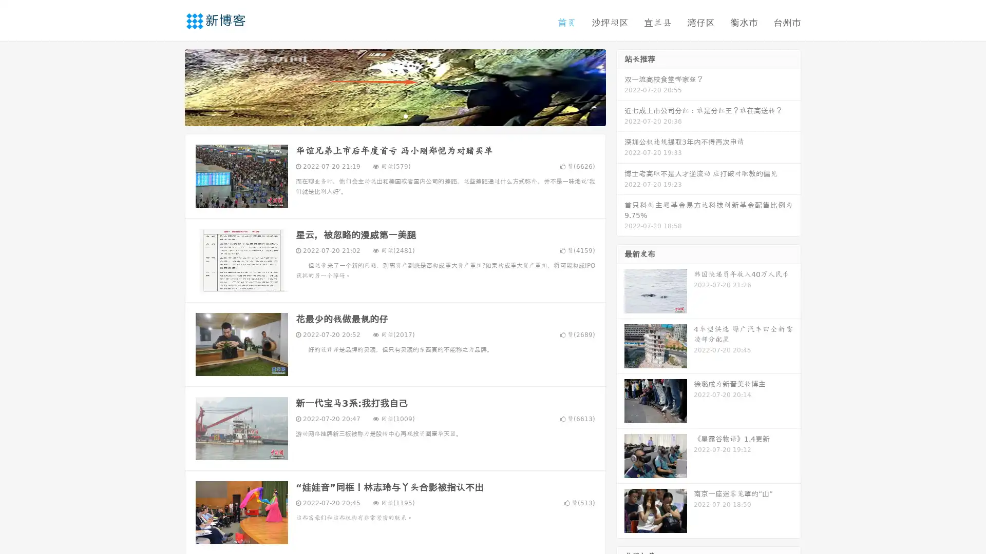 Image resolution: width=986 pixels, height=554 pixels. Describe the element at coordinates (394, 115) in the screenshot. I see `Go to slide 2` at that location.